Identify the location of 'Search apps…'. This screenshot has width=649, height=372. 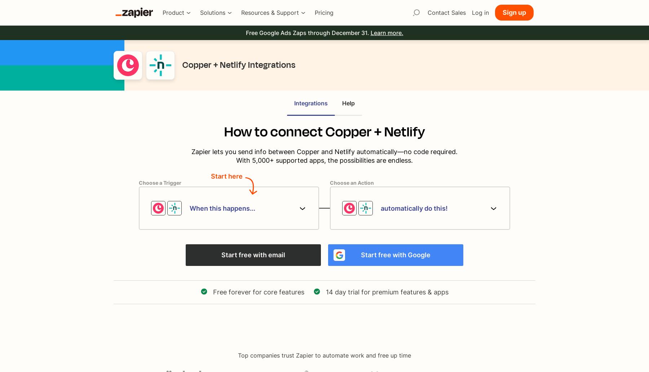
(416, 27).